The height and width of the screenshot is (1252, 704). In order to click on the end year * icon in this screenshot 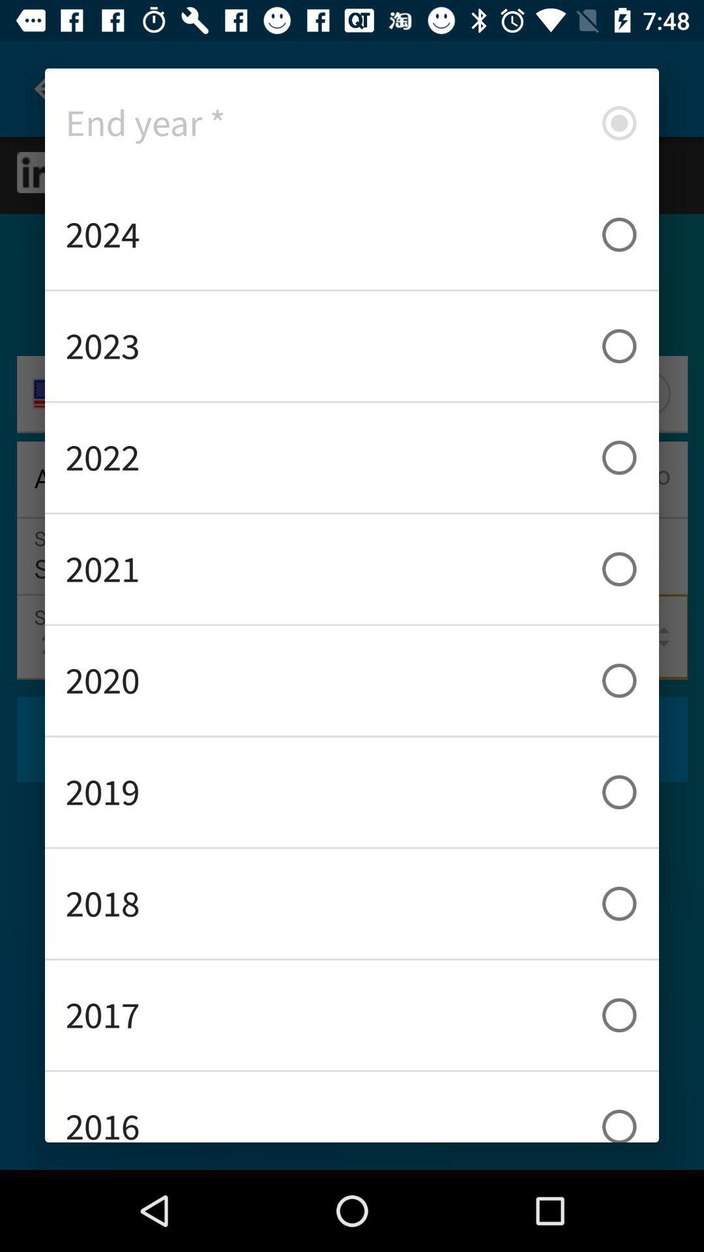, I will do `click(352, 123)`.